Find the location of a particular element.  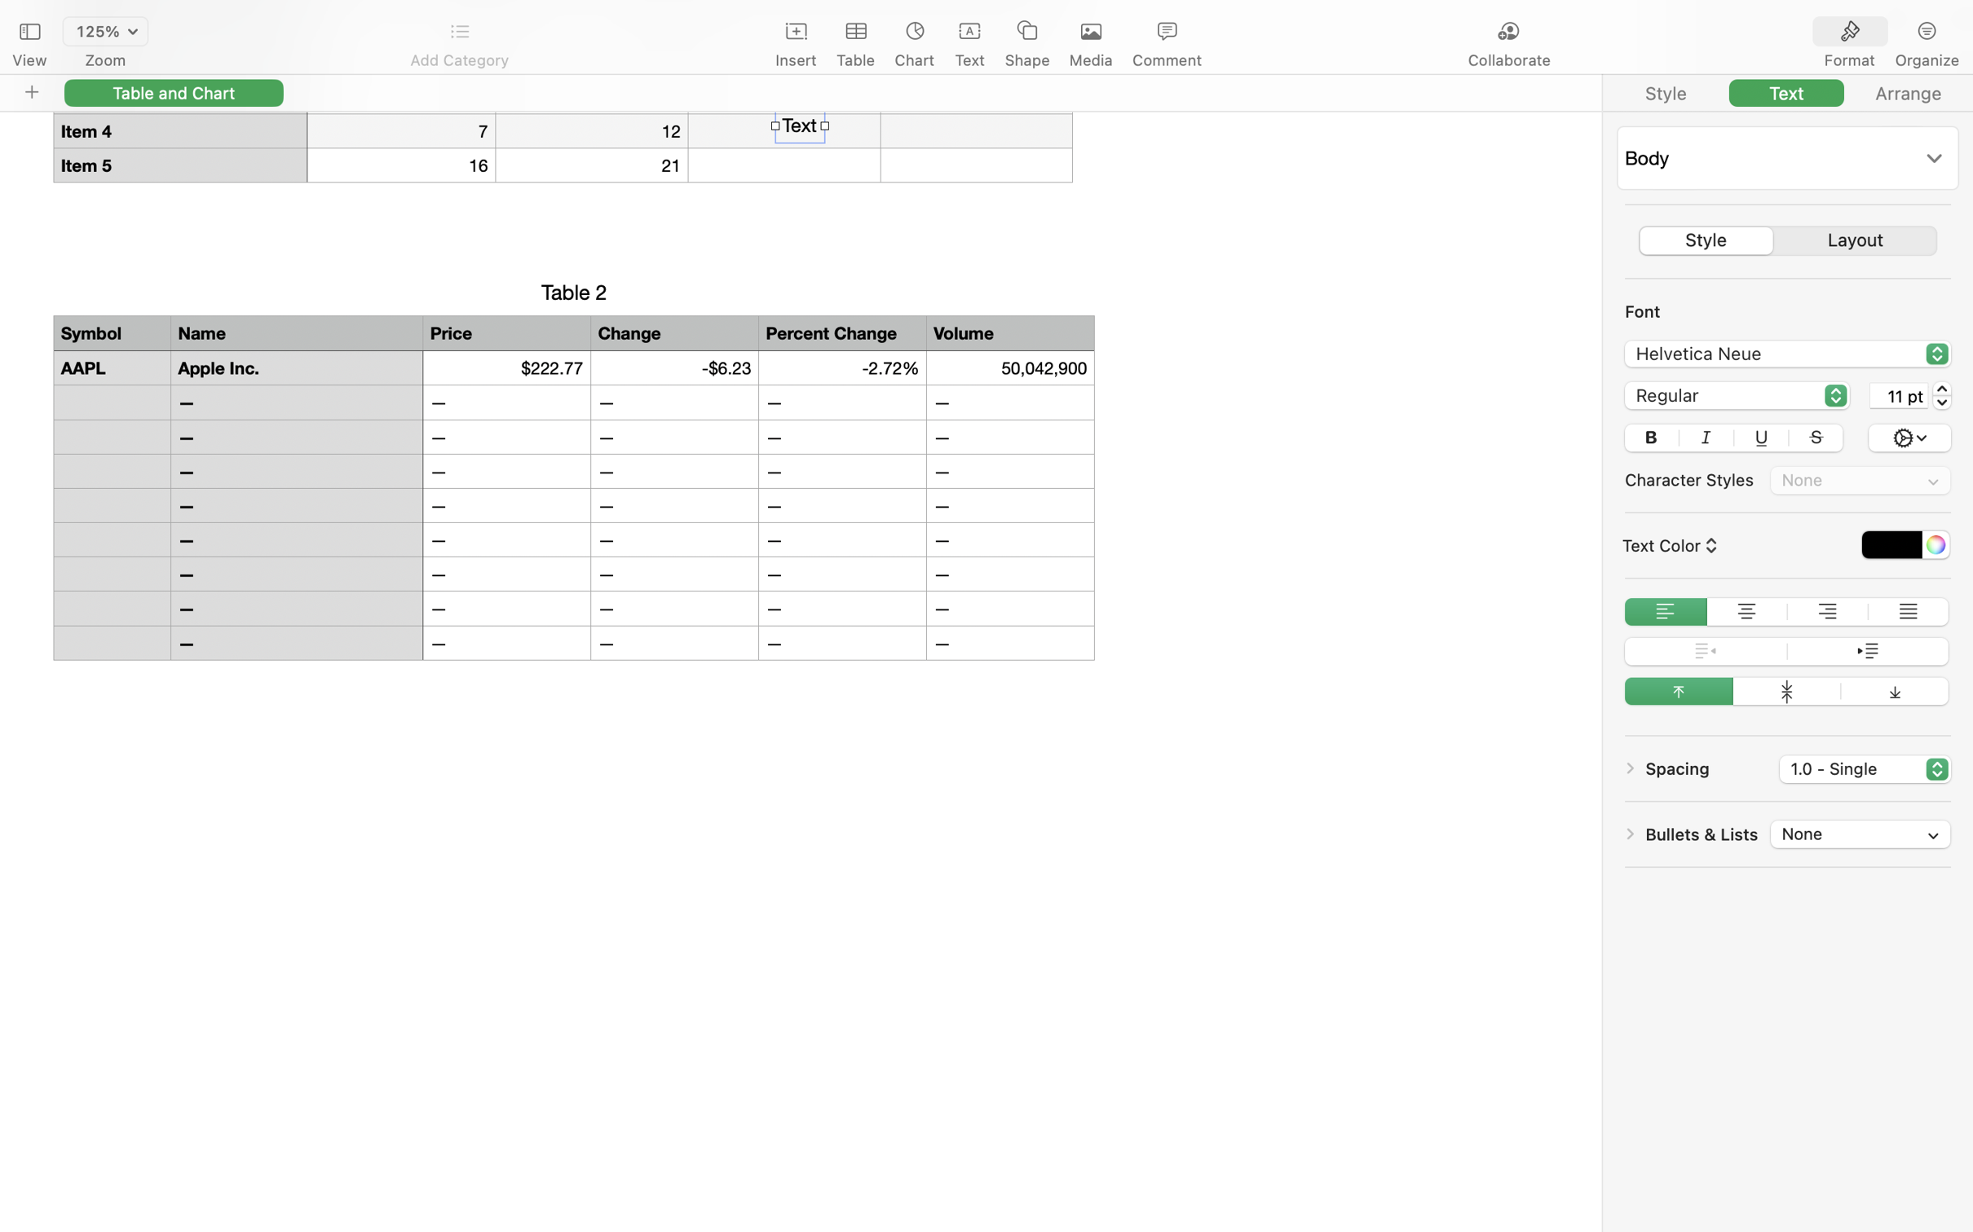

'Table and Chart' is located at coordinates (174, 92).